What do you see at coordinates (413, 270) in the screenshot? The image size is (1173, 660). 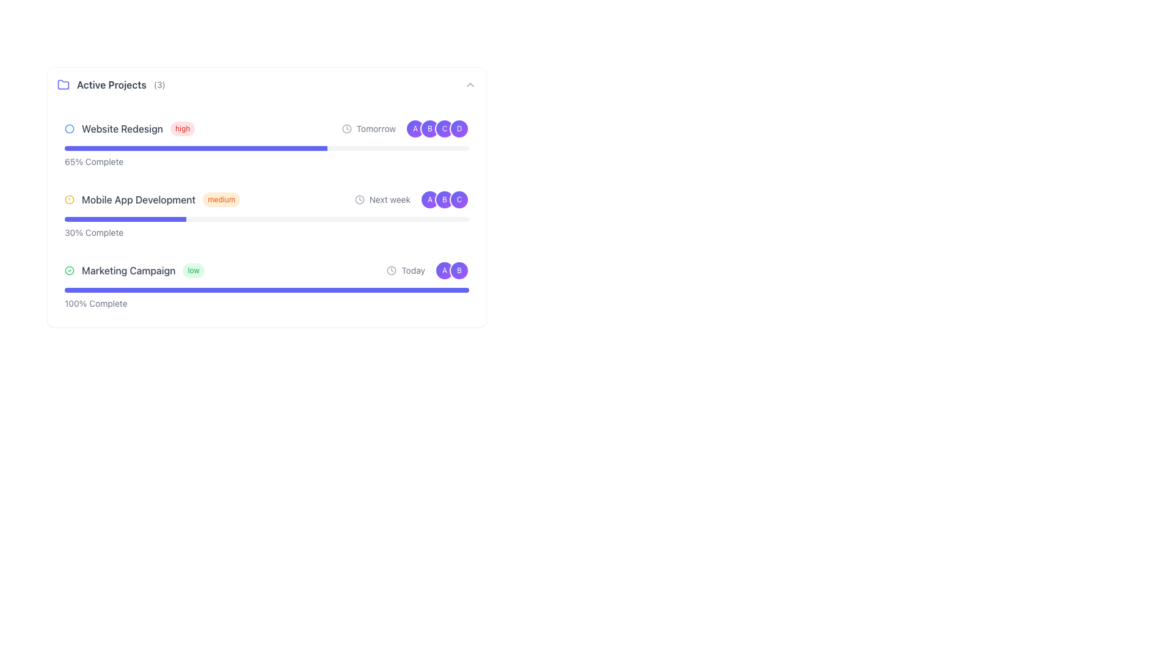 I see `the static text displaying 'Today', which is styled with the class 'text-sm text-gray-500' and is part of the project status for 'Marketing Campaign'` at bounding box center [413, 270].